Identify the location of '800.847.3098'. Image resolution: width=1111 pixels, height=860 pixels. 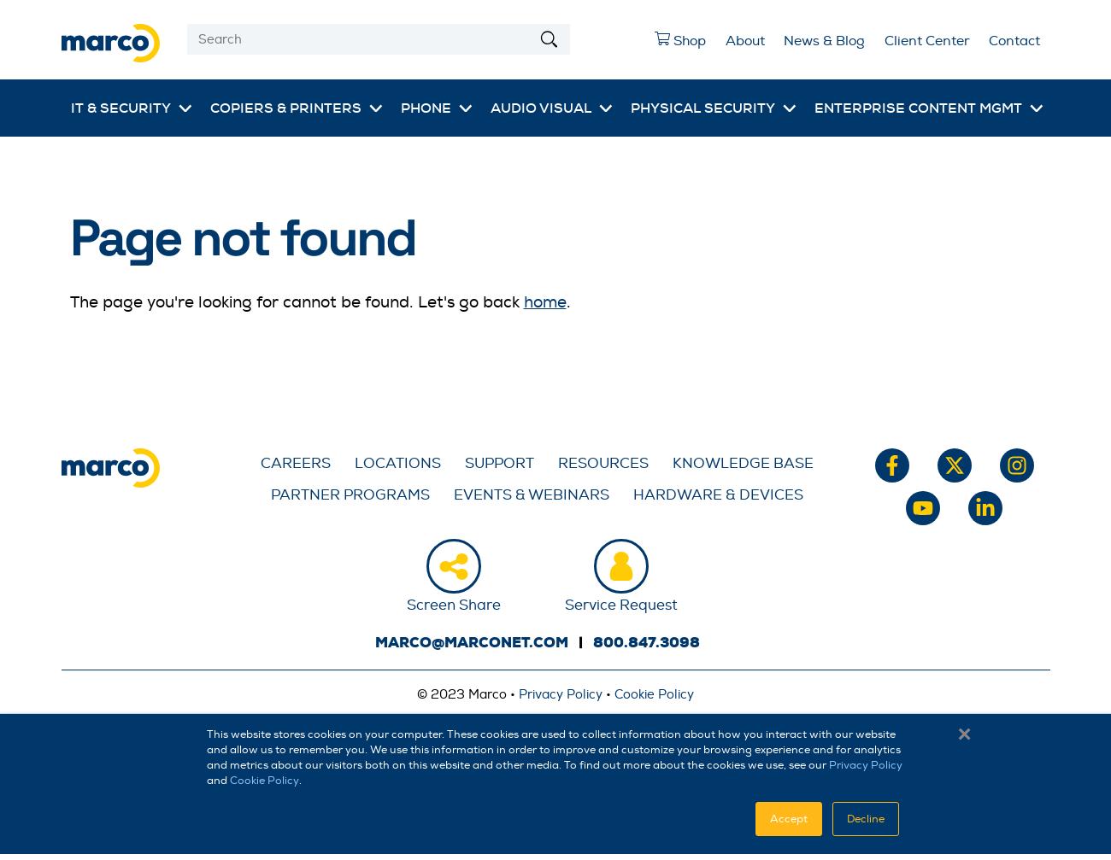
(645, 641).